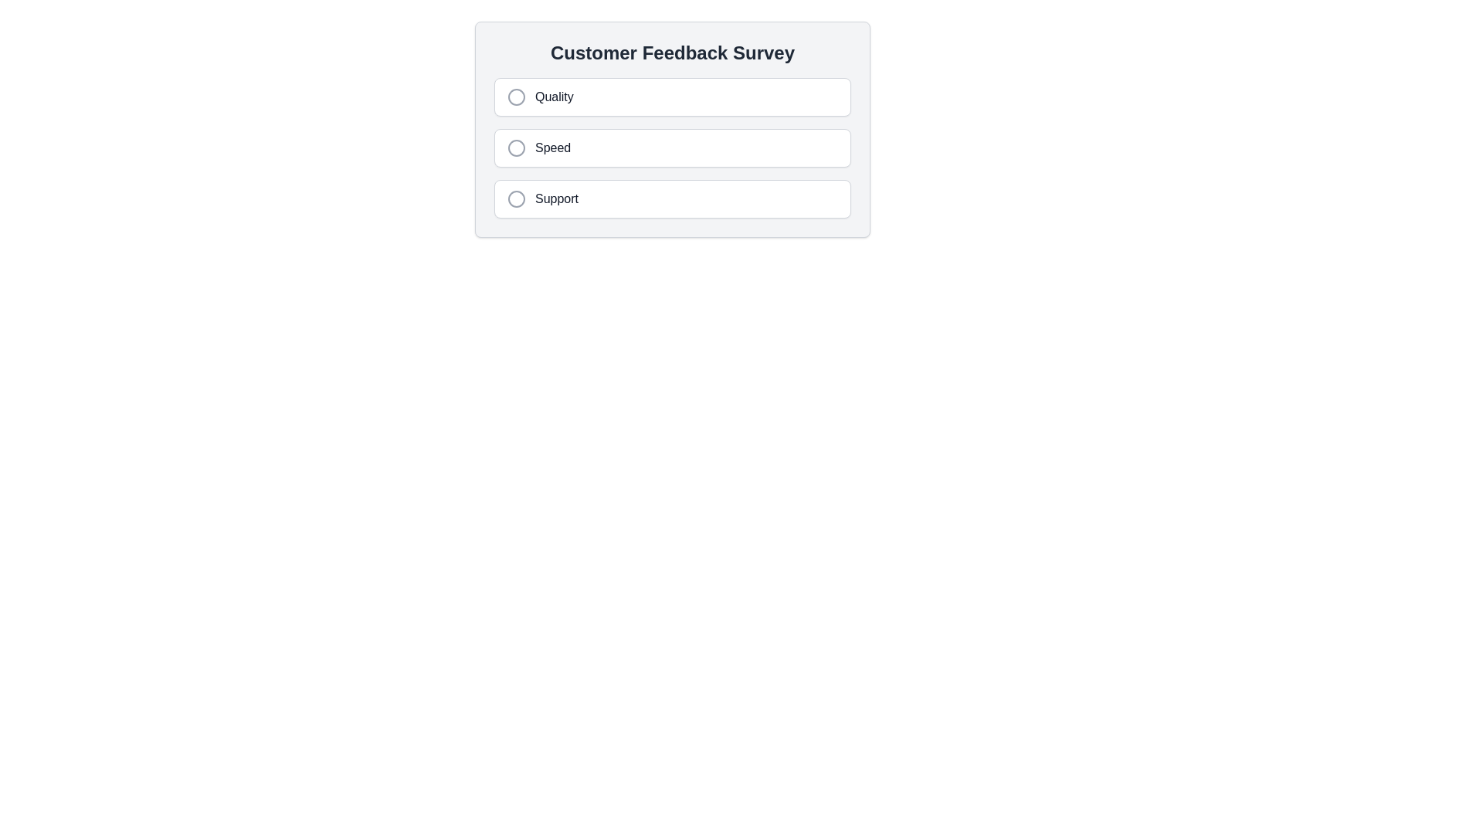 The width and height of the screenshot is (1483, 834). What do you see at coordinates (516, 198) in the screenshot?
I see `the radio button` at bounding box center [516, 198].